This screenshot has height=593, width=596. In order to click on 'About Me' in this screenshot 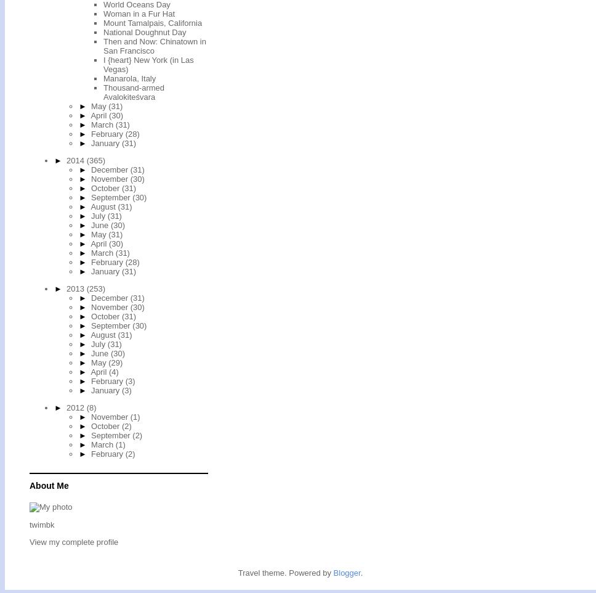, I will do `click(48, 485)`.